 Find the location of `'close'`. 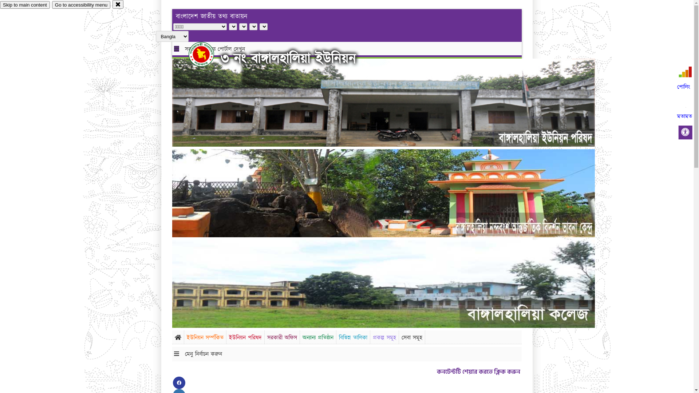

'close' is located at coordinates (118, 4).